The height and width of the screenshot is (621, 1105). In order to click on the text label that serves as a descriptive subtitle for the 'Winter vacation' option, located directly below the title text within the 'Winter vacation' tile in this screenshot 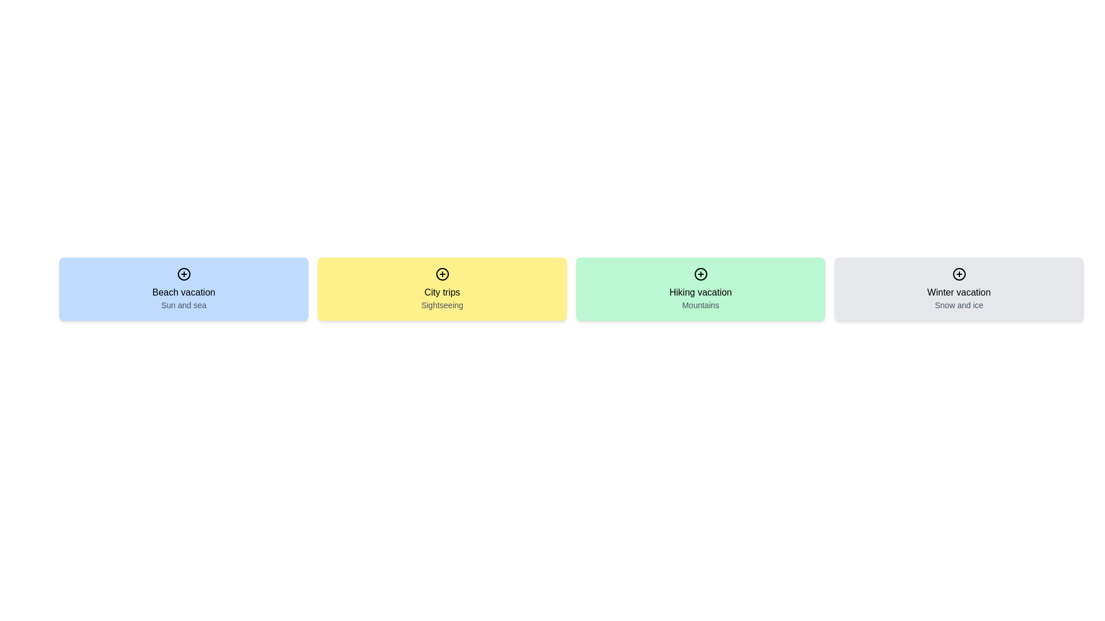, I will do `click(959, 305)`.